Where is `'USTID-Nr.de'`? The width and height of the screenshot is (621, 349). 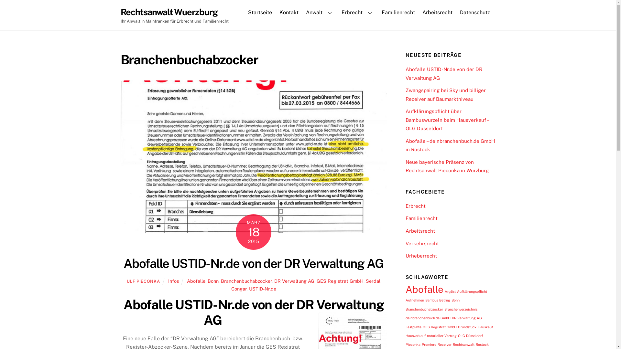 'USTID-Nr.de' is located at coordinates (262, 288).